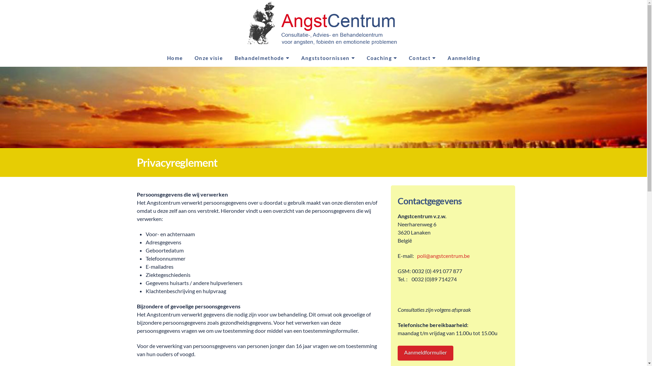 This screenshot has height=366, width=652. What do you see at coordinates (161, 59) in the screenshot?
I see `'Home'` at bounding box center [161, 59].